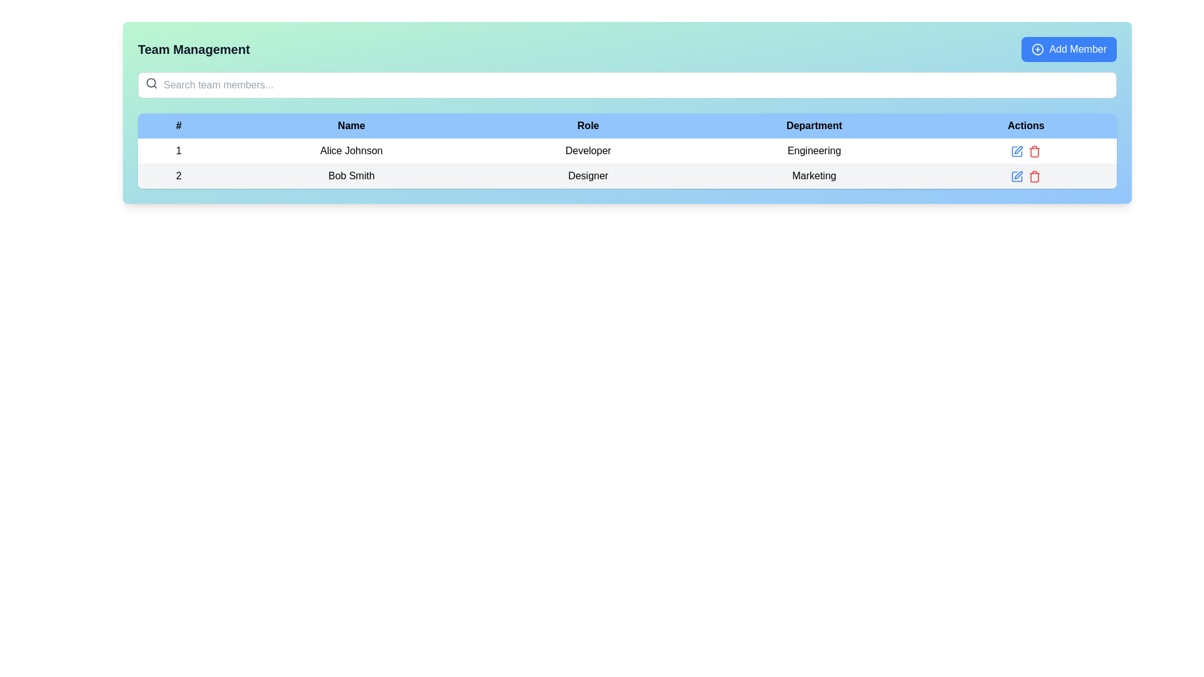  Describe the element at coordinates (814, 176) in the screenshot. I see `the 'Marketing' label in the fourth cell of the second row of the table, which is under the 'Department' column` at that location.